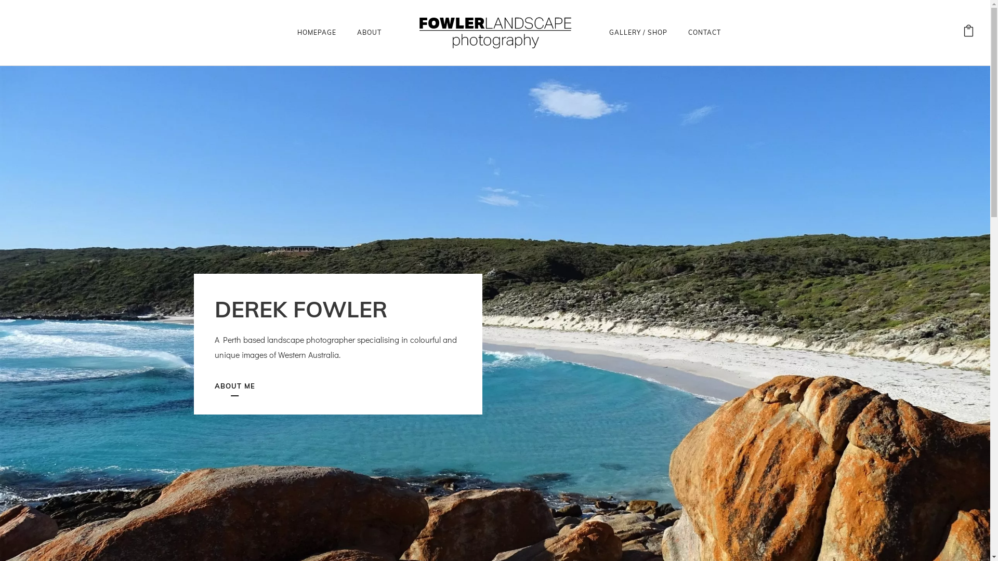 Image resolution: width=998 pixels, height=561 pixels. Describe the element at coordinates (704, 32) in the screenshot. I see `'CONTACT'` at that location.